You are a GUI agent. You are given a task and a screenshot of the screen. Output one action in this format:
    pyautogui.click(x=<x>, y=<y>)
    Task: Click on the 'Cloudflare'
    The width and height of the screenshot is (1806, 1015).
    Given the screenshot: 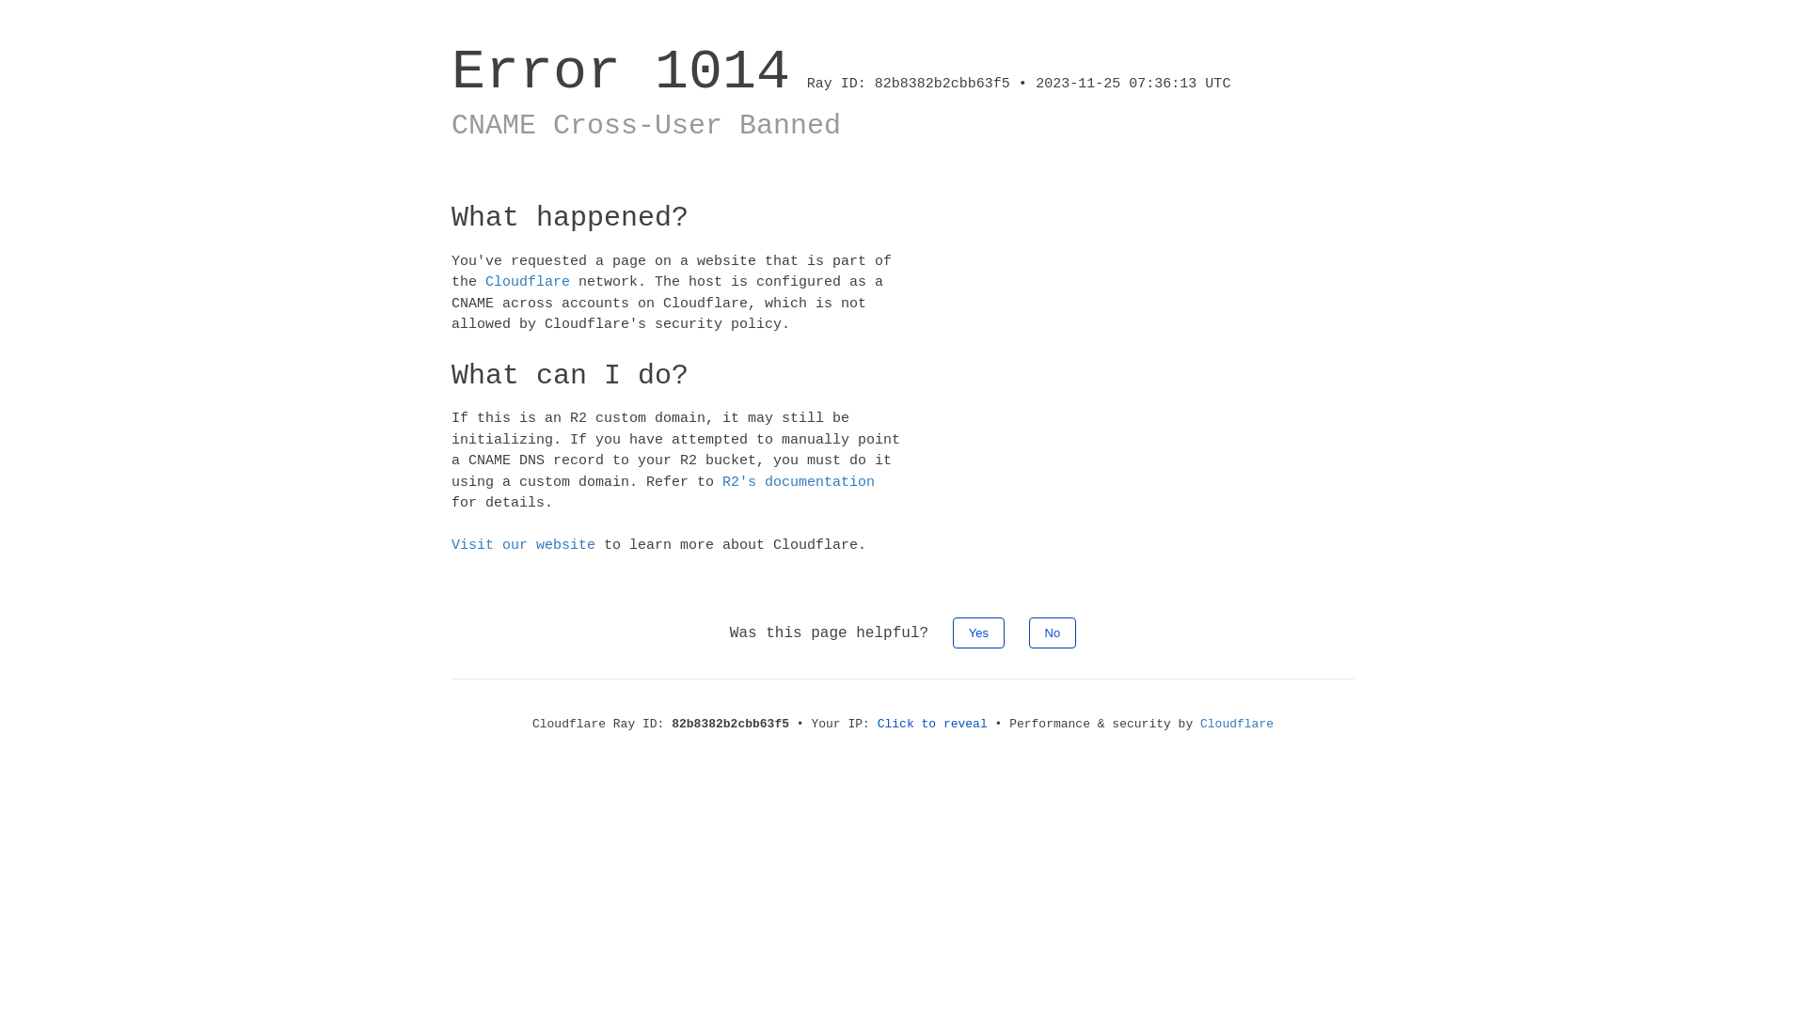 What is the action you would take?
    pyautogui.click(x=527, y=282)
    